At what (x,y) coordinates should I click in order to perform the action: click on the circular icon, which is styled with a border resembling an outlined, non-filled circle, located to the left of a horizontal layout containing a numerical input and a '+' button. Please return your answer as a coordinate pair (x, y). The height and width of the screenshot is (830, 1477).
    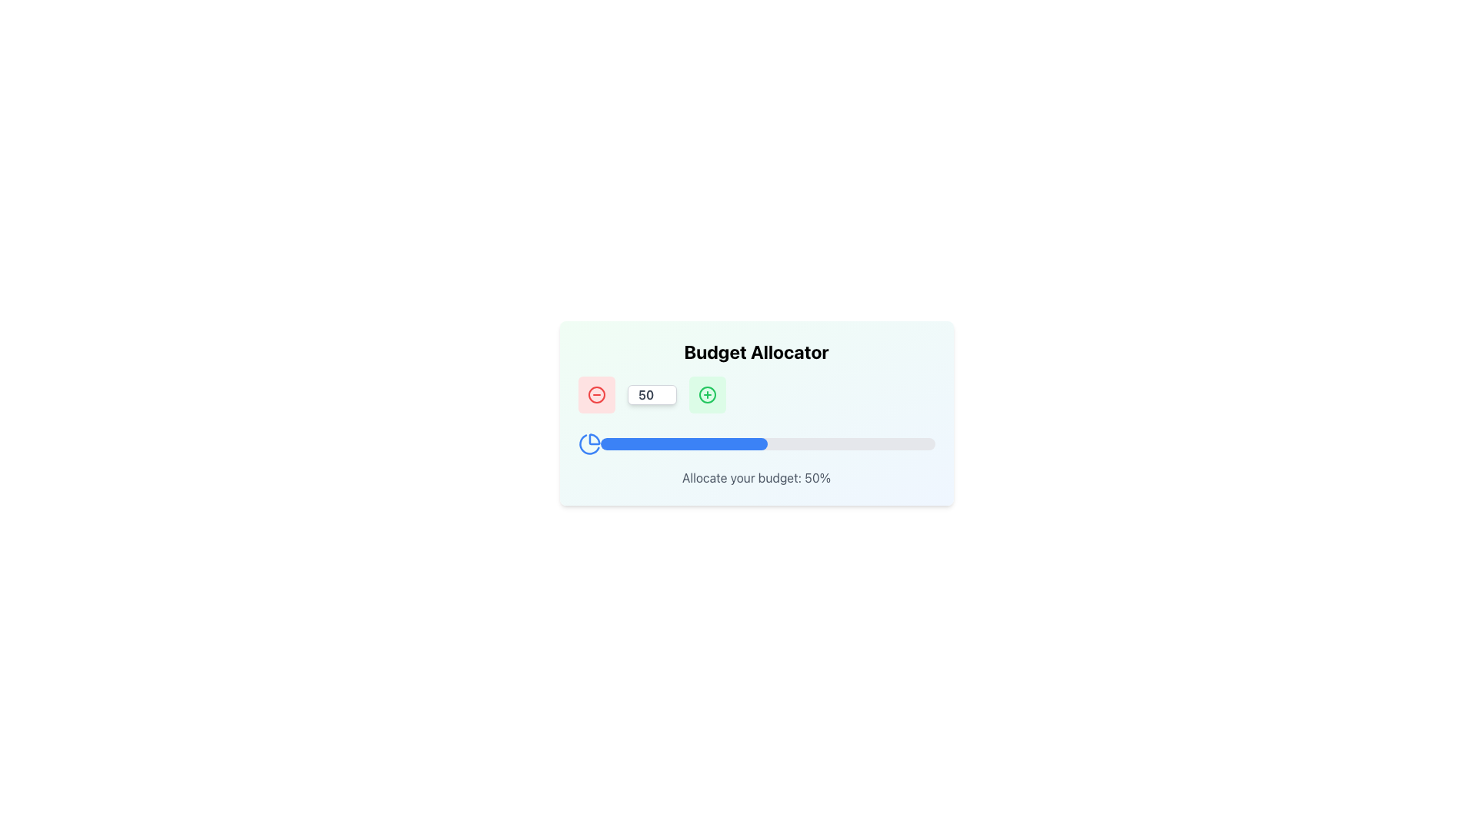
    Looking at the image, I should click on (595, 393).